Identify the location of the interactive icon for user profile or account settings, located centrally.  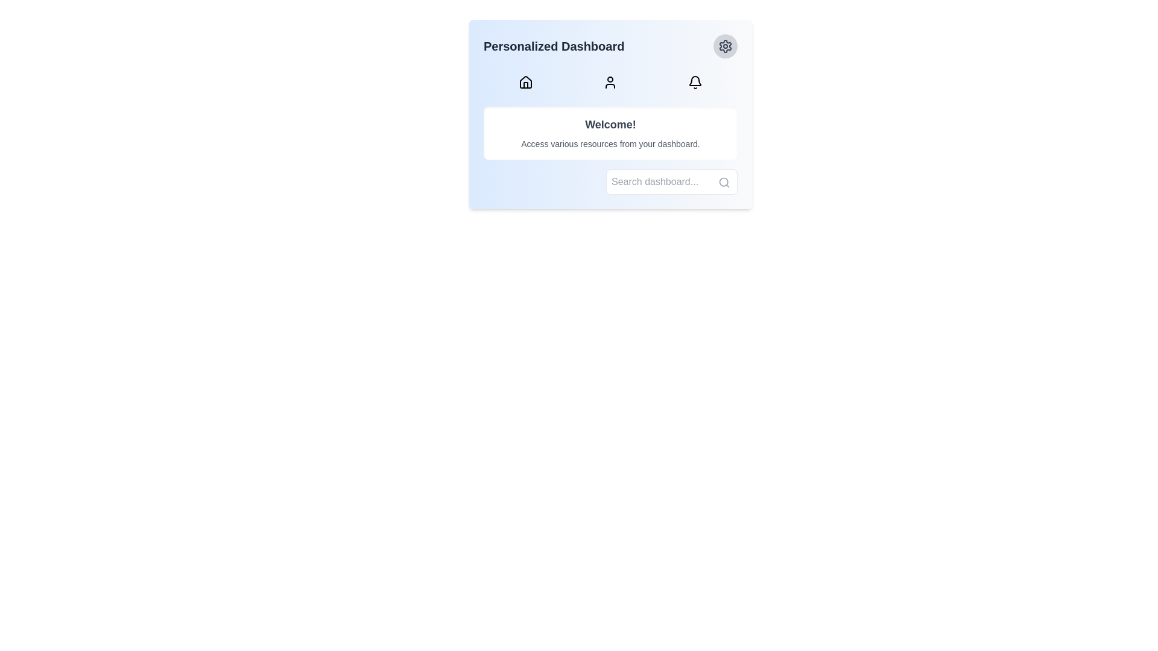
(610, 82).